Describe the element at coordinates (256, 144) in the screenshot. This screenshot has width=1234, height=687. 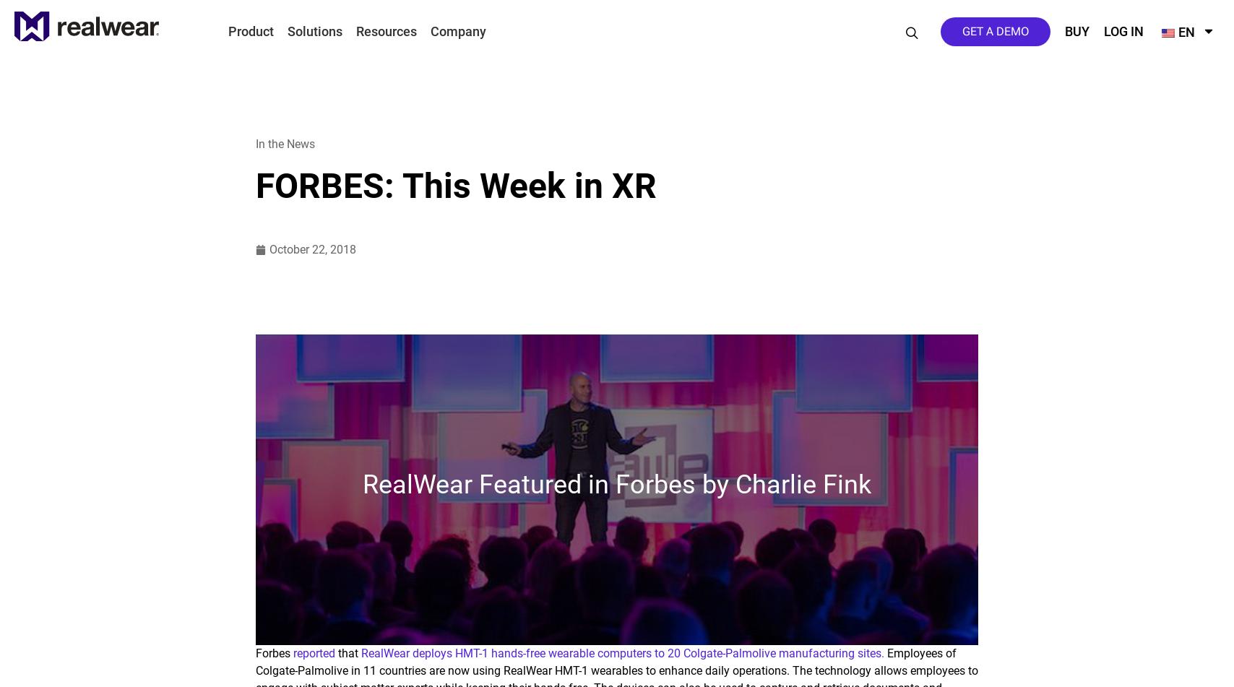
I see `'In the News'` at that location.